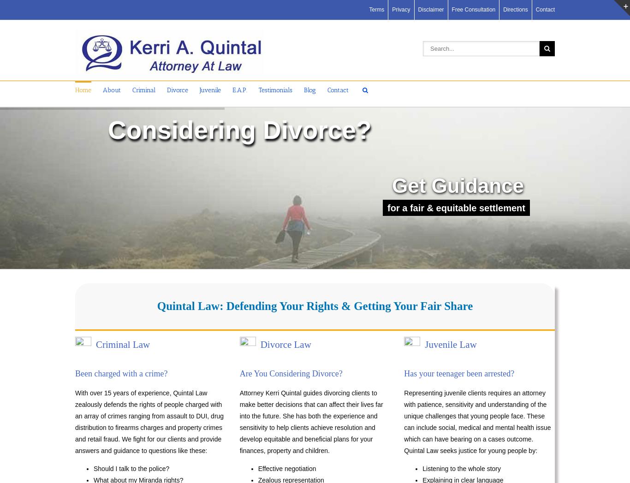  I want to click on 'Criminal Law', so click(123, 345).